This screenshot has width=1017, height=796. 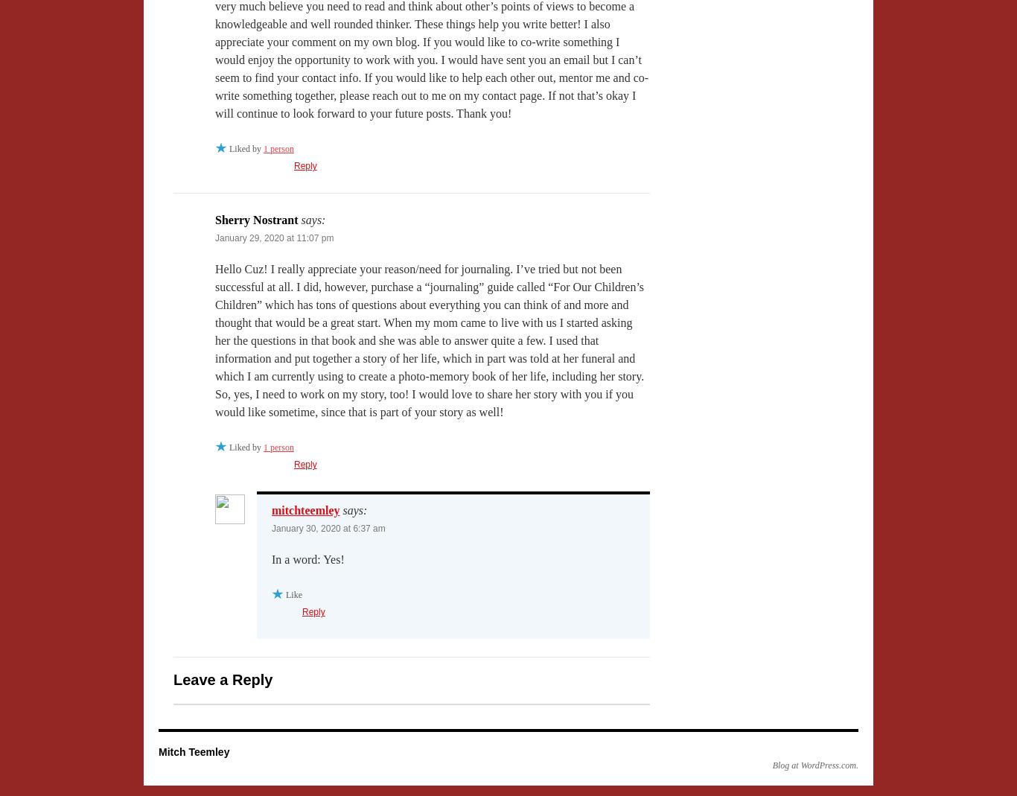 I want to click on 'Like', so click(x=293, y=594).